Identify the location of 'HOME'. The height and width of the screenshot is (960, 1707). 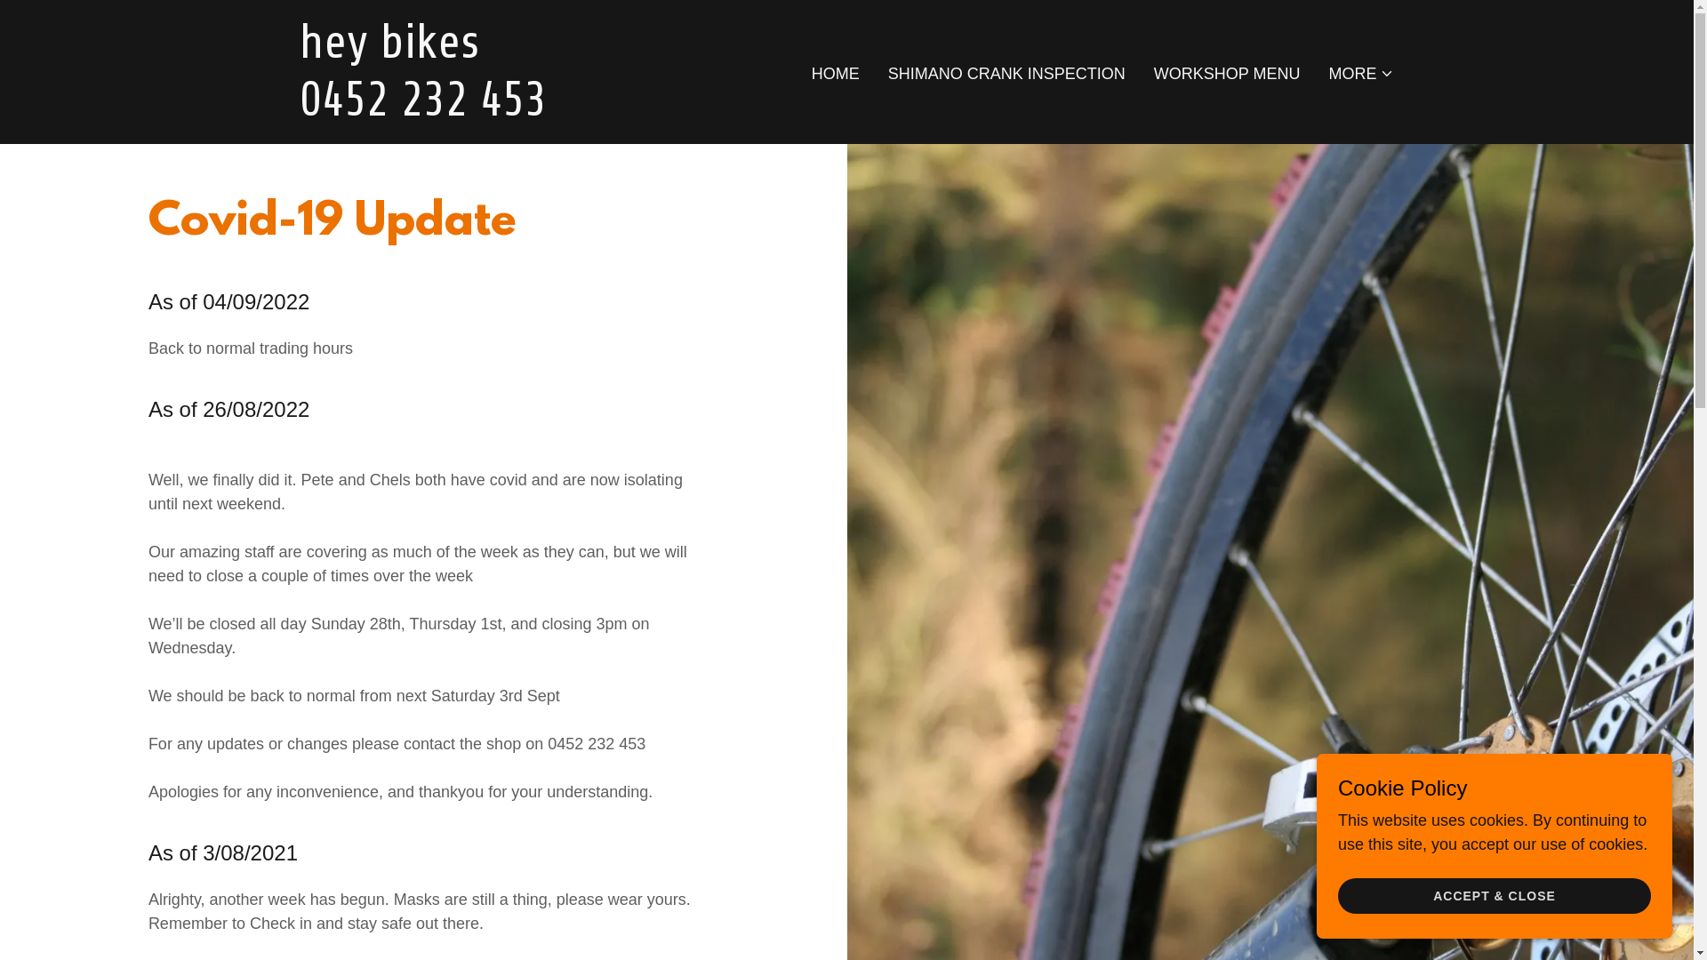
(835, 73).